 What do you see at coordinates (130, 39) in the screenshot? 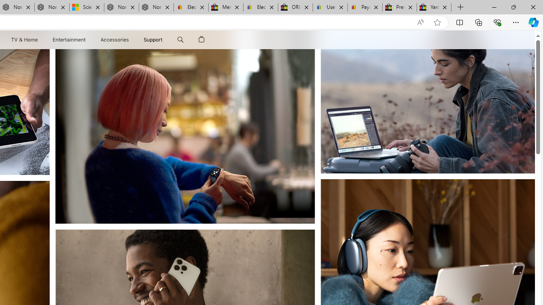
I see `'Accessories menu'` at bounding box center [130, 39].